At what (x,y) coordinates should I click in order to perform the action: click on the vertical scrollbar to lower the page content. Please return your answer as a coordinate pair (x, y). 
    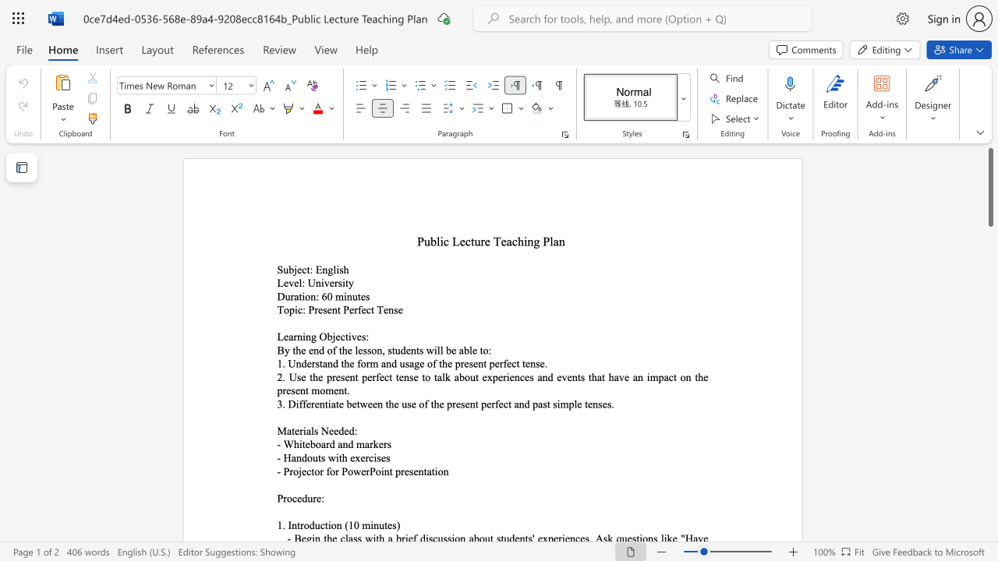
    Looking at the image, I should click on (989, 296).